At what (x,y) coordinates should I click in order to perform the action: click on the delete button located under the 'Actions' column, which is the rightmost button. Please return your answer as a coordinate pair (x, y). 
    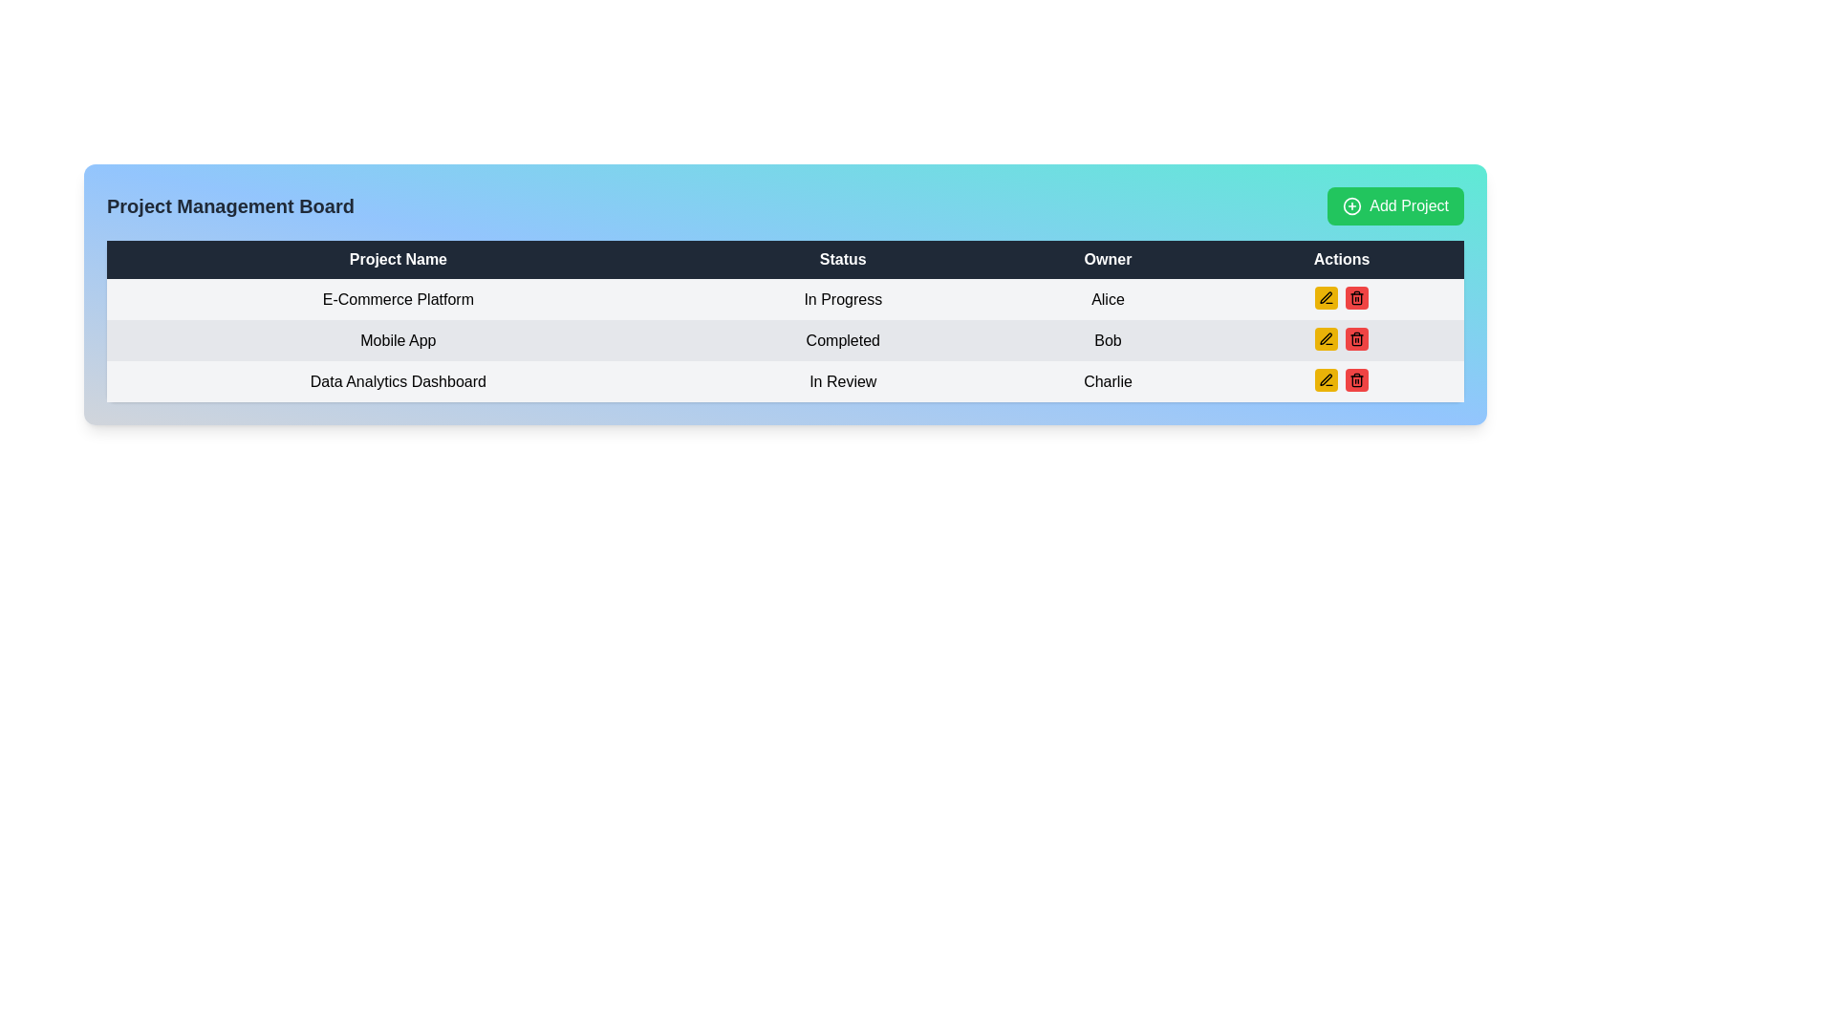
    Looking at the image, I should click on (1356, 379).